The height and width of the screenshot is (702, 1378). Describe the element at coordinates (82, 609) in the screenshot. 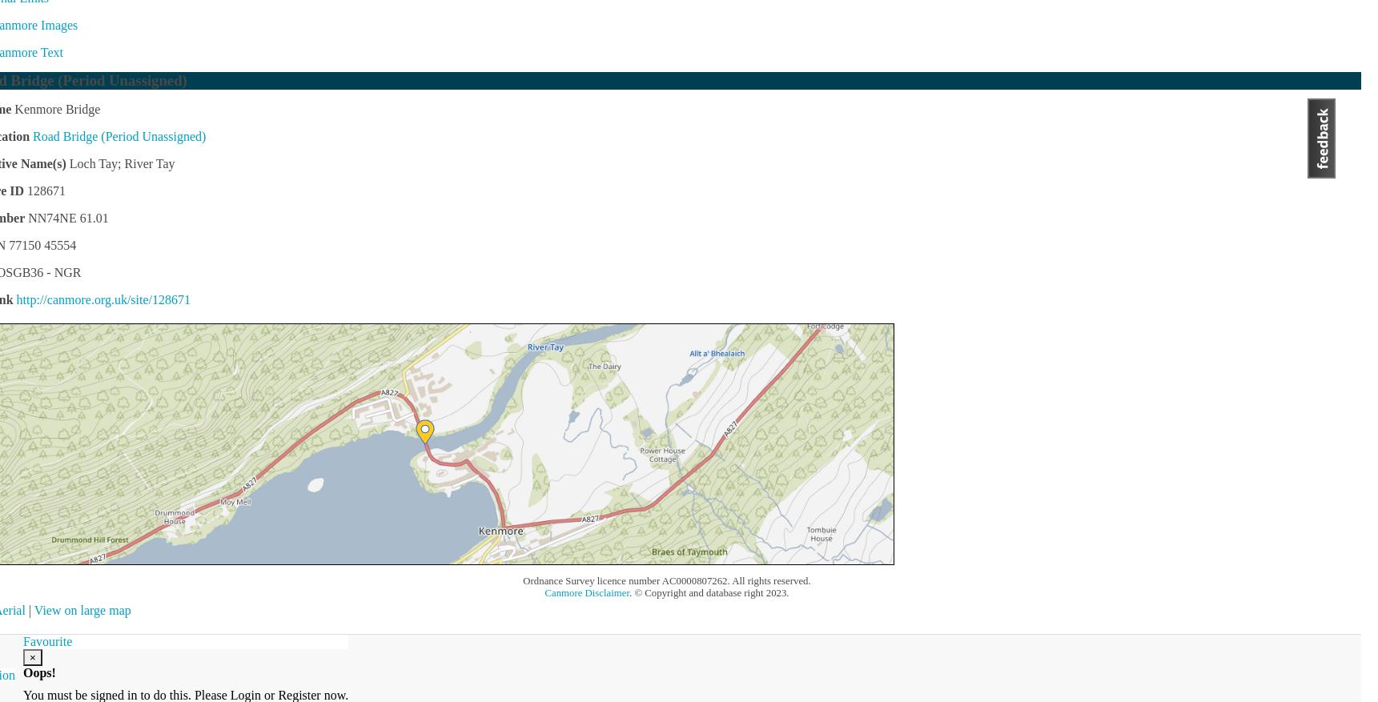

I see `'View on large map'` at that location.